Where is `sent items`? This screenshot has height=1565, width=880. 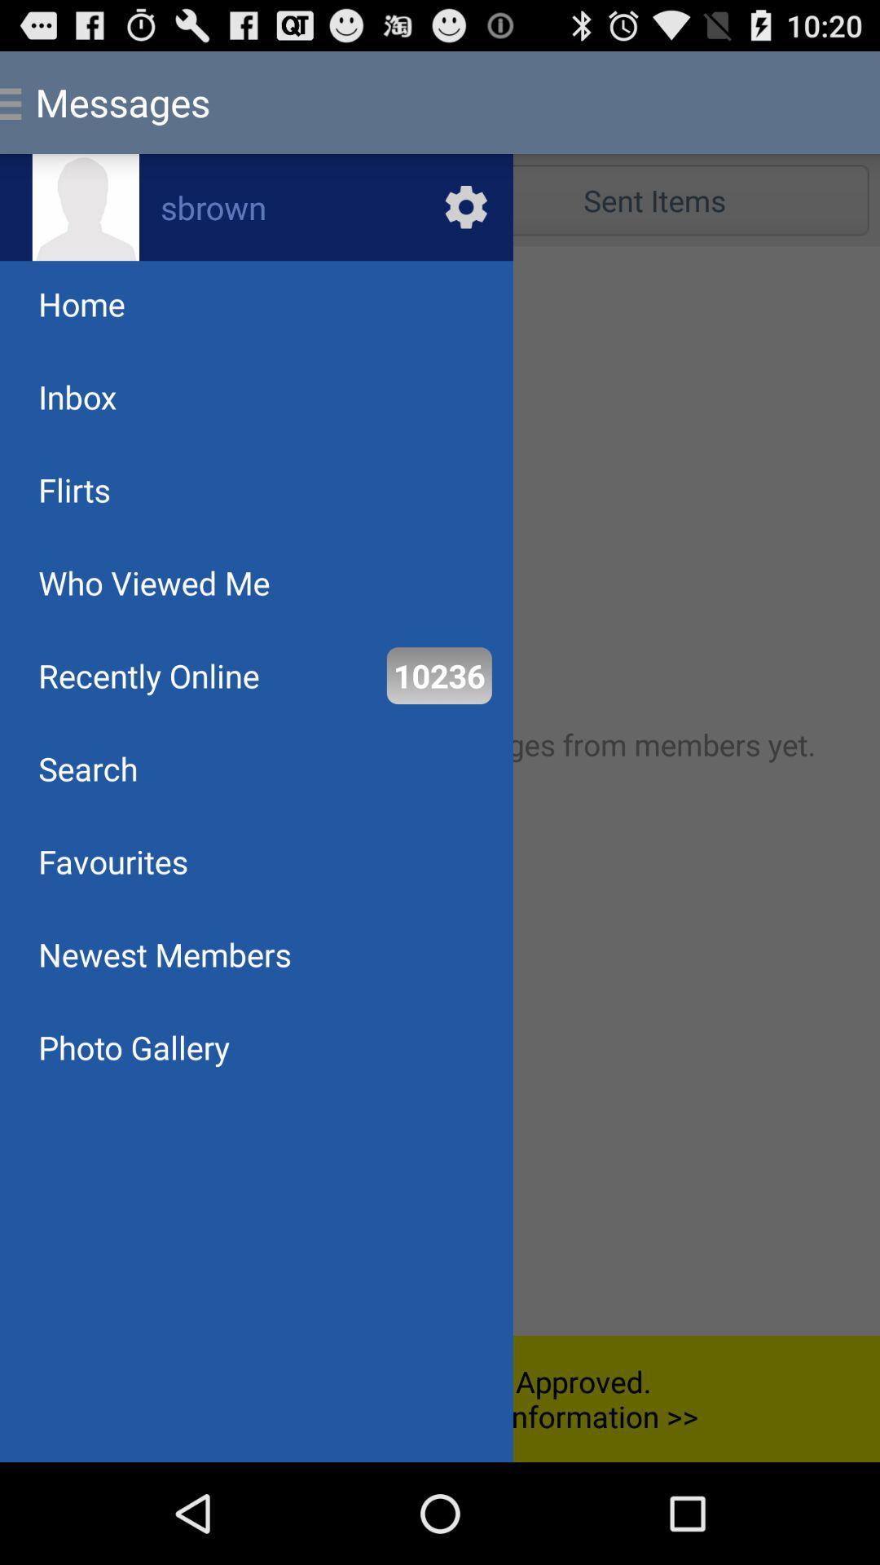
sent items is located at coordinates (653, 199).